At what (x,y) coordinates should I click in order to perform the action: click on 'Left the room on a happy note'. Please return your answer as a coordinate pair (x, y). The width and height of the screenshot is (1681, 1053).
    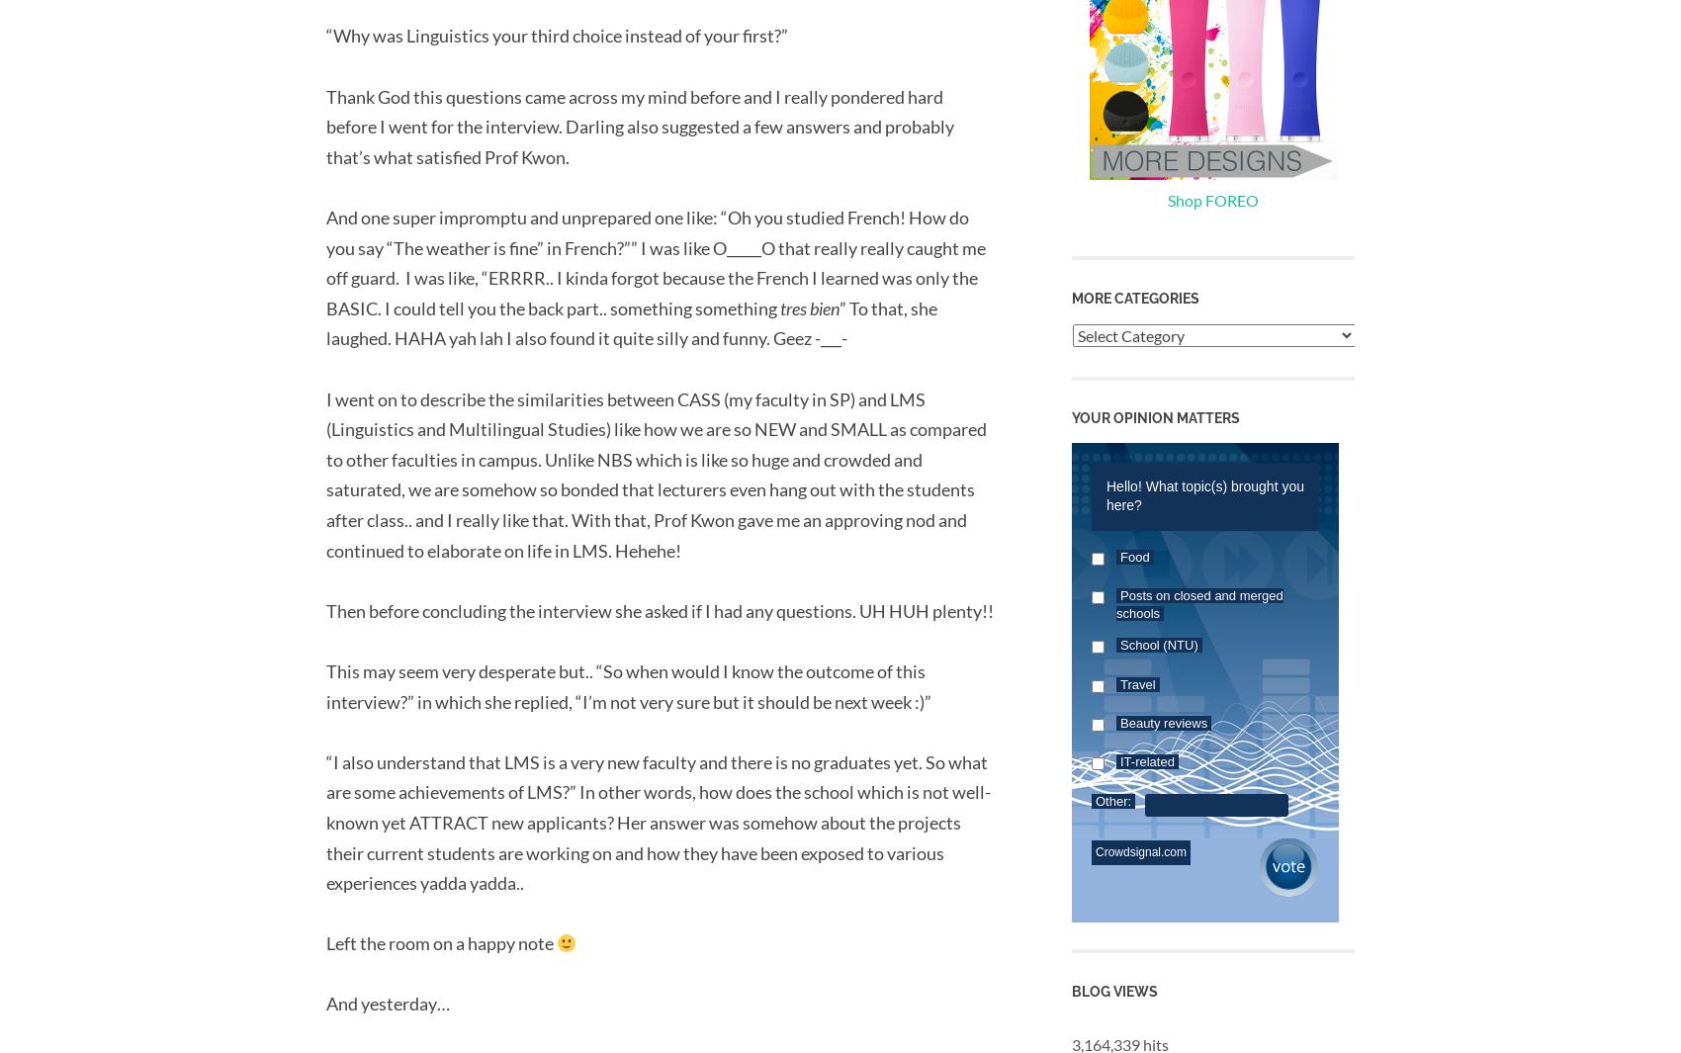
    Looking at the image, I should click on (441, 943).